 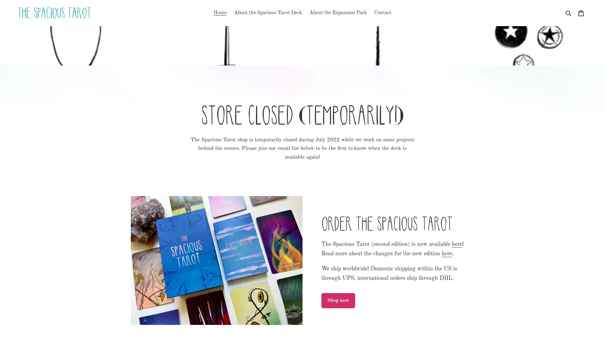 I want to click on Search, so click(x=569, y=13).